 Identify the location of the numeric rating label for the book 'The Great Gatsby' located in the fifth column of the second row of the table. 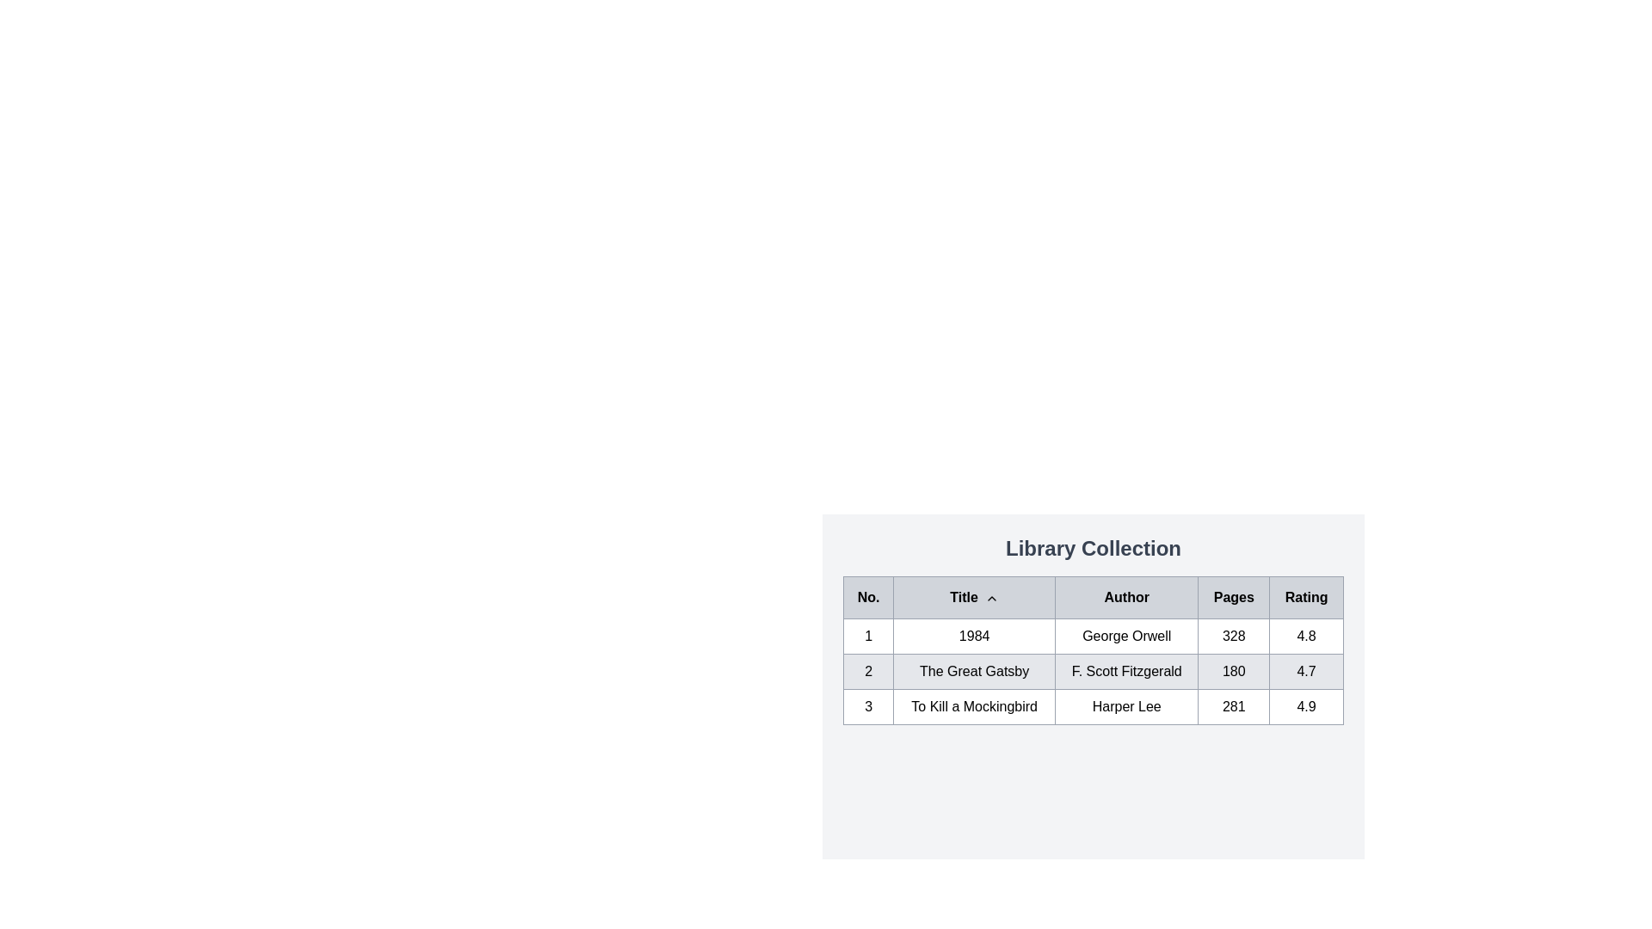
(1306, 670).